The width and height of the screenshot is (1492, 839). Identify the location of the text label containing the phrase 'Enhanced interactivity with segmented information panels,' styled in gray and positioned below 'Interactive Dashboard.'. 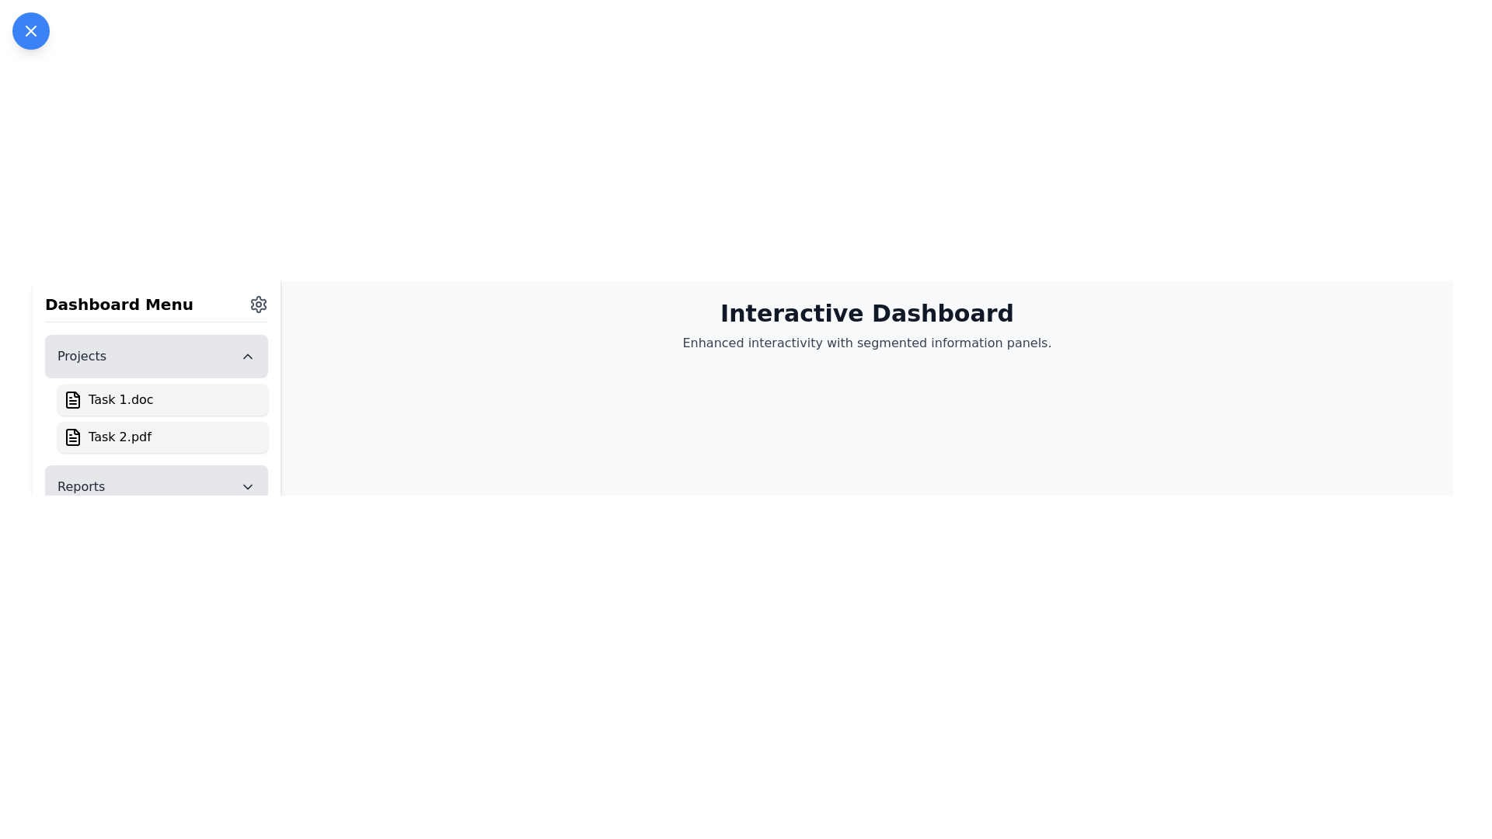
(866, 343).